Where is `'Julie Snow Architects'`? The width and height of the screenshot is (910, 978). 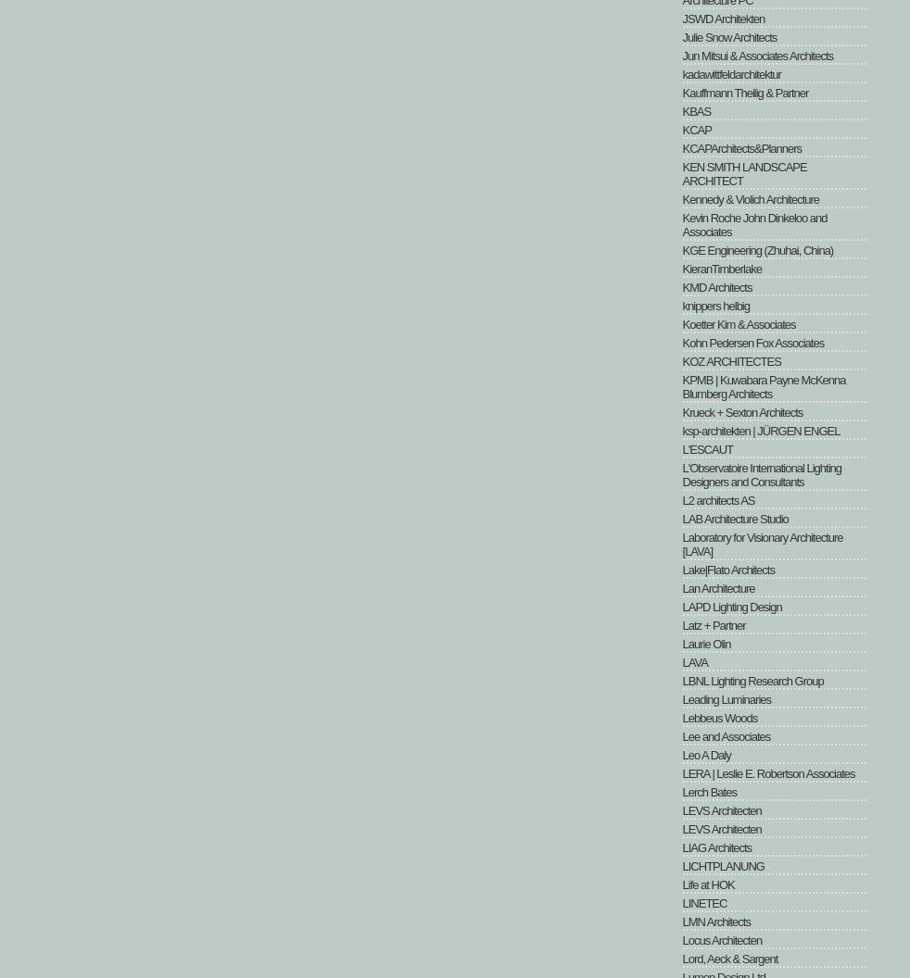 'Julie Snow Architects' is located at coordinates (728, 37).